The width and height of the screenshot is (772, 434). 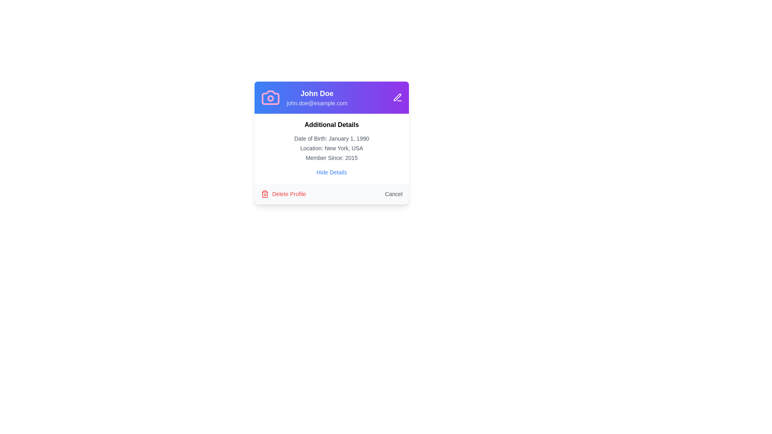 What do you see at coordinates (332, 148) in the screenshot?
I see `the static informational text displaying the user's current location, which is centrally located under 'Date of Birth: January 1, 1990' and above 'Member Since: 2015' in the 'Additional Details' section of the user profile card` at bounding box center [332, 148].